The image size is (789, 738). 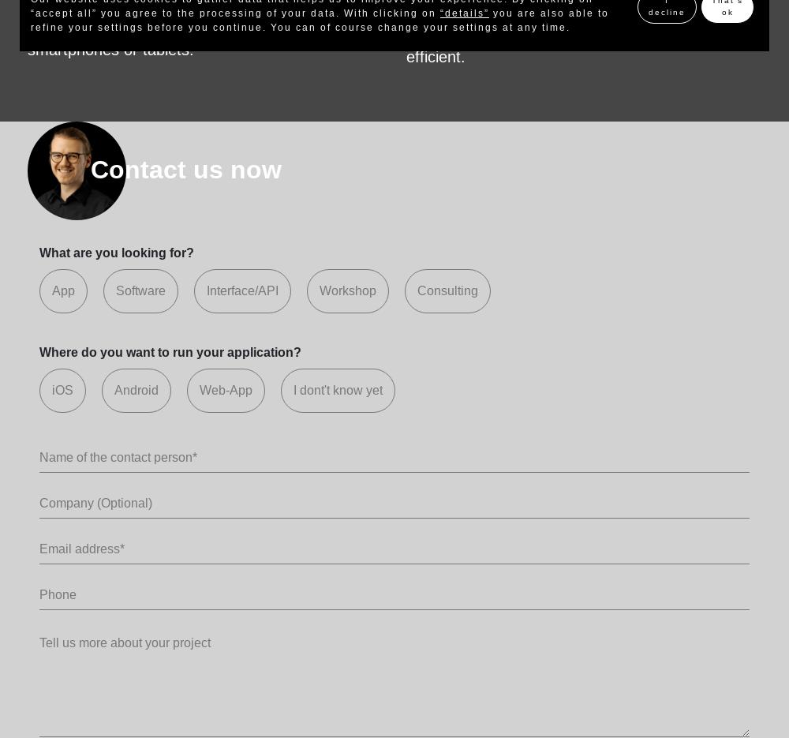 What do you see at coordinates (200, 389) in the screenshot?
I see `'Web-App'` at bounding box center [200, 389].